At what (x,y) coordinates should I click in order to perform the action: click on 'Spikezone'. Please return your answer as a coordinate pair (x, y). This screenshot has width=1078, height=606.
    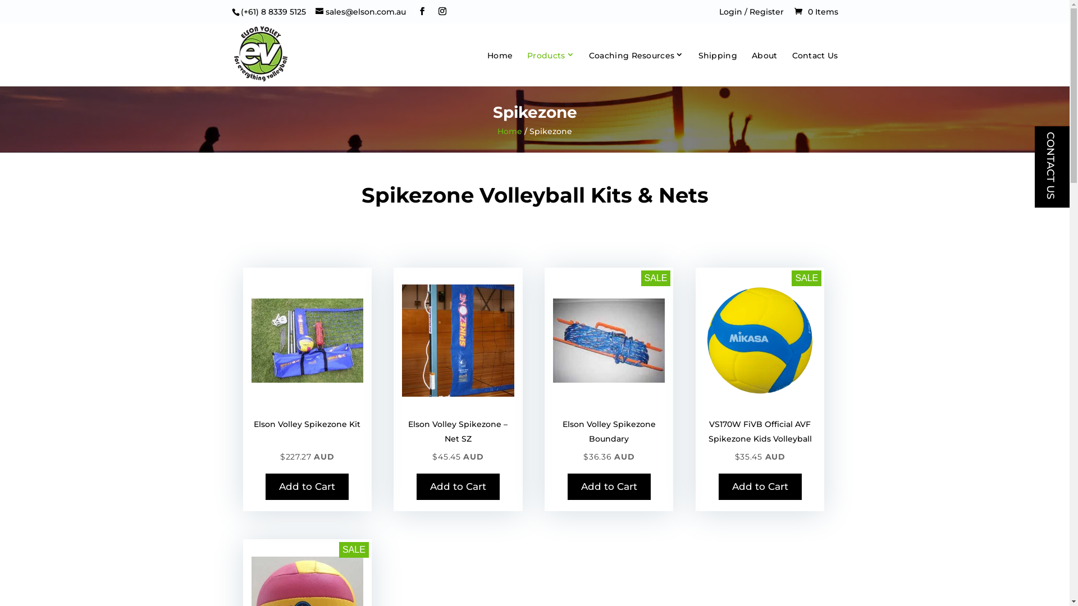
    Looking at the image, I should click on (608, 339).